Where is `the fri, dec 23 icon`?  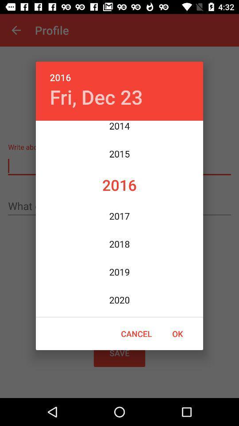 the fri, dec 23 icon is located at coordinates (96, 97).